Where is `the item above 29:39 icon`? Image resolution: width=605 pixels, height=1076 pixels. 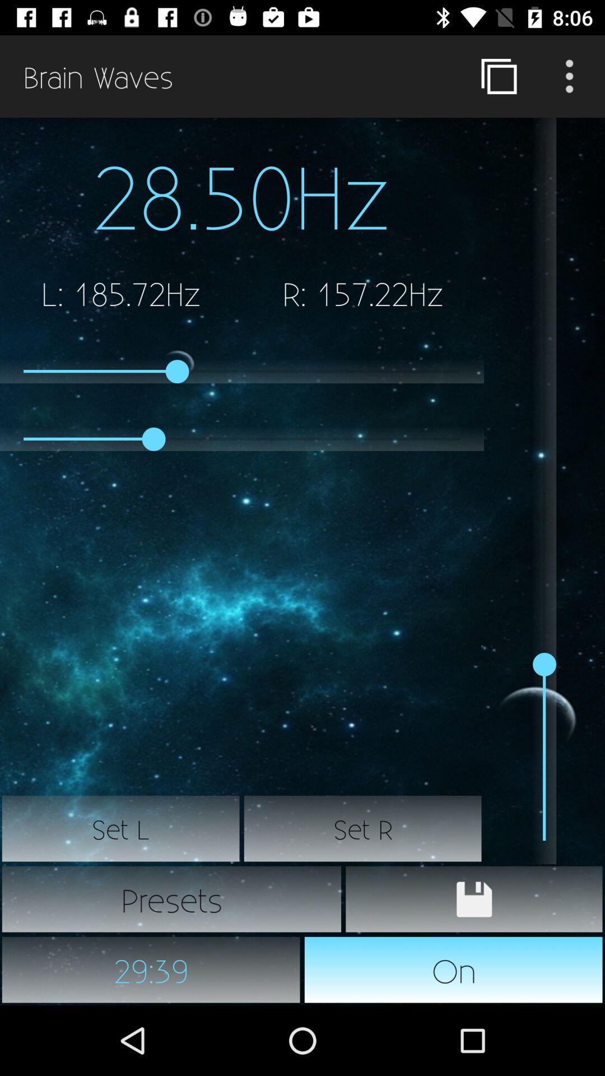
the item above 29:39 icon is located at coordinates (171, 899).